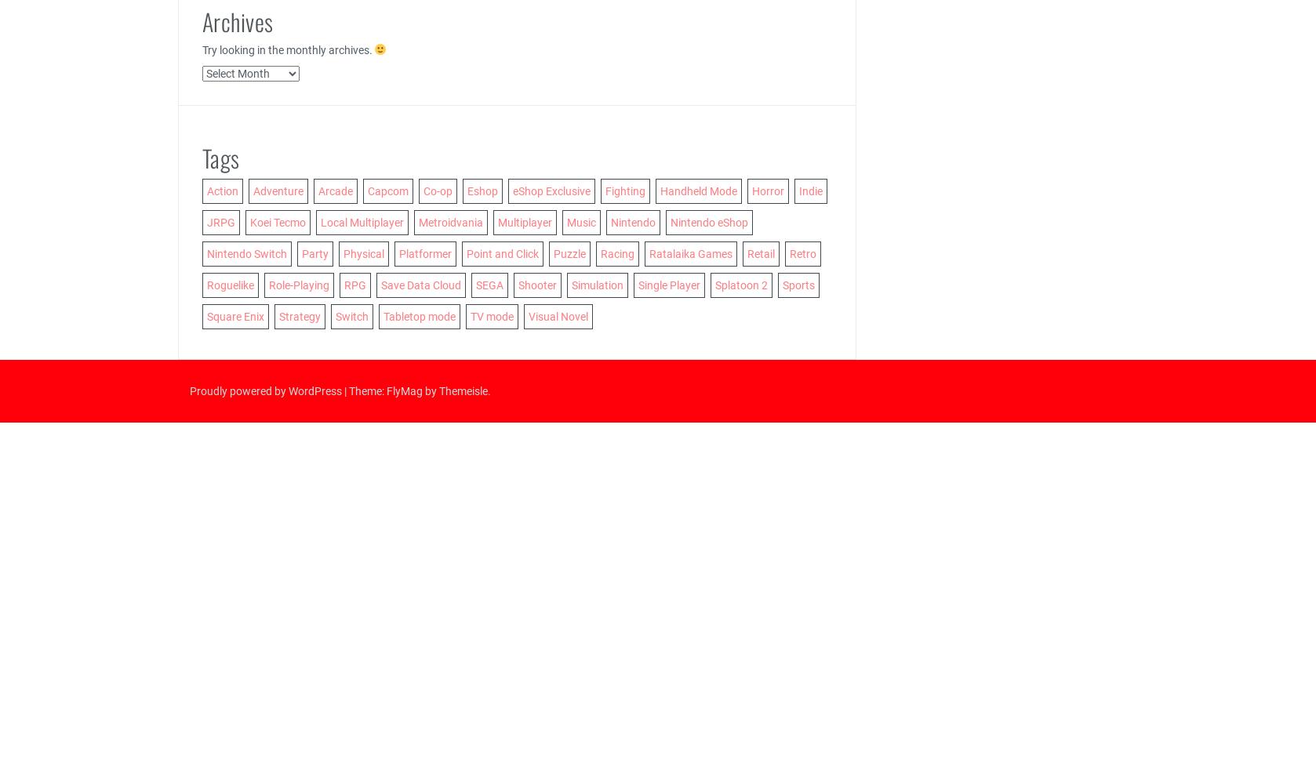 The height and width of the screenshot is (784, 1316). What do you see at coordinates (298, 284) in the screenshot?
I see `'Role-Playing'` at bounding box center [298, 284].